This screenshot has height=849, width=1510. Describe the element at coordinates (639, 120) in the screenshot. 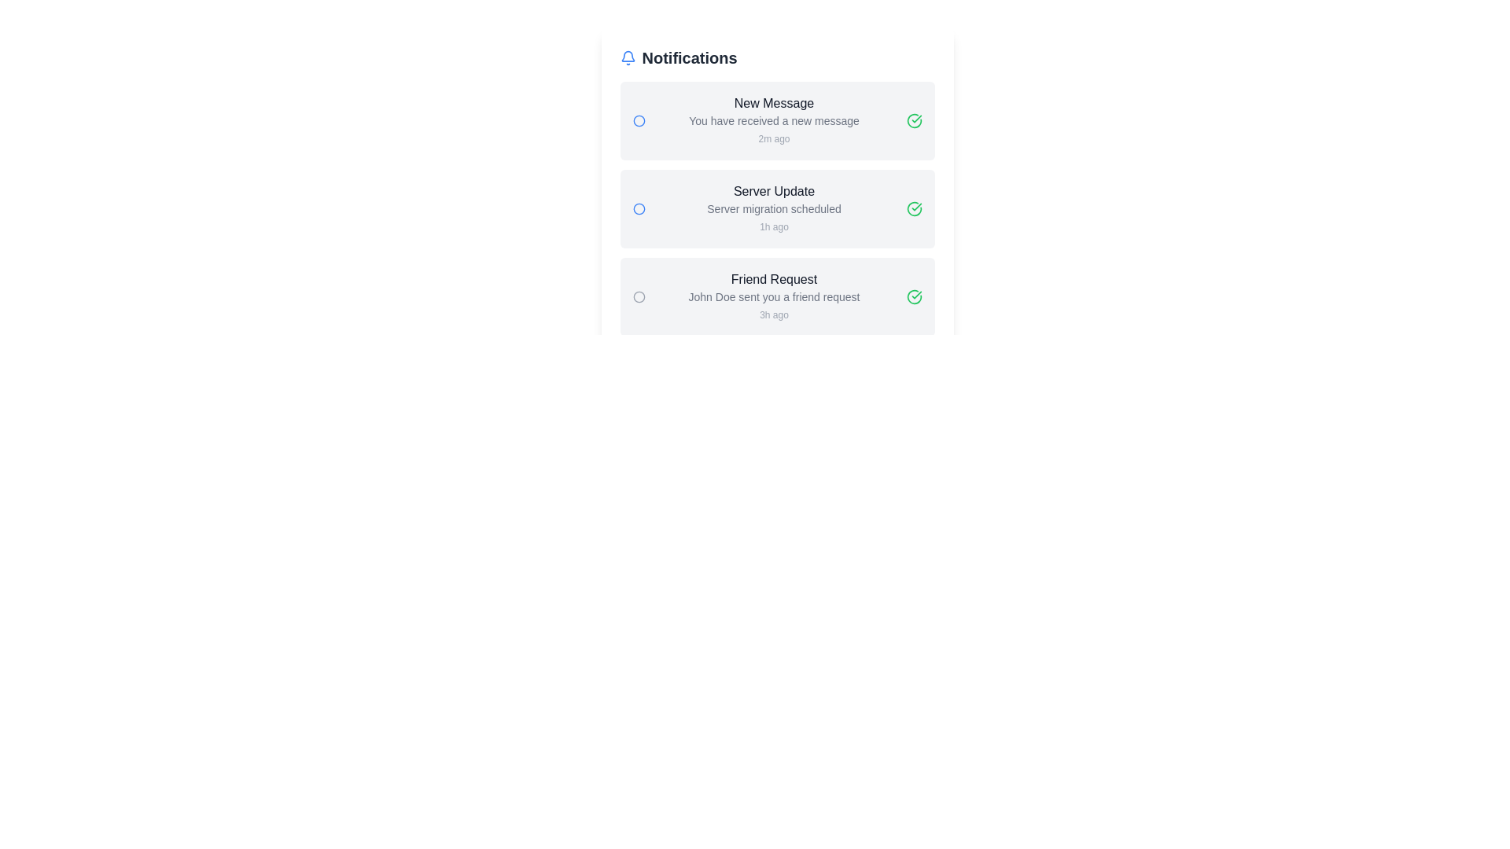

I see `the visual indicator icon in the top notification card labeled 'New Message', which is aligned horizontally with the card's content and located to the left of the text` at that location.